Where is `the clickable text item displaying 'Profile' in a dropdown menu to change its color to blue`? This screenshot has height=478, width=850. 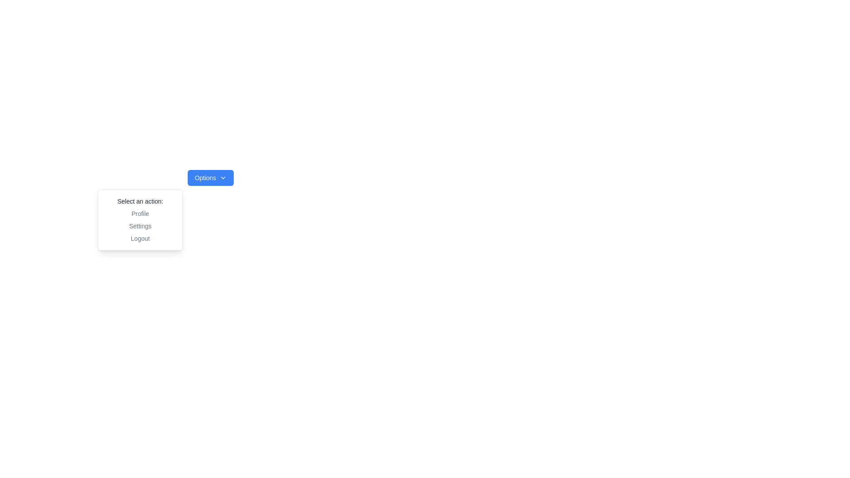
the clickable text item displaying 'Profile' in a dropdown menu to change its color to blue is located at coordinates (139, 213).